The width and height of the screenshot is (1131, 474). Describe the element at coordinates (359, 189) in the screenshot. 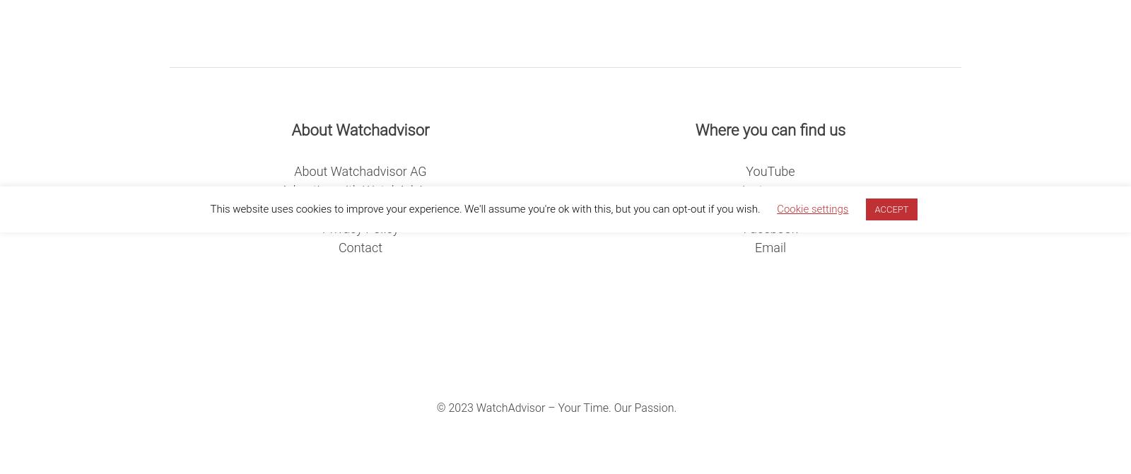

I see `'Advertise with WatchAdvisor'` at that location.